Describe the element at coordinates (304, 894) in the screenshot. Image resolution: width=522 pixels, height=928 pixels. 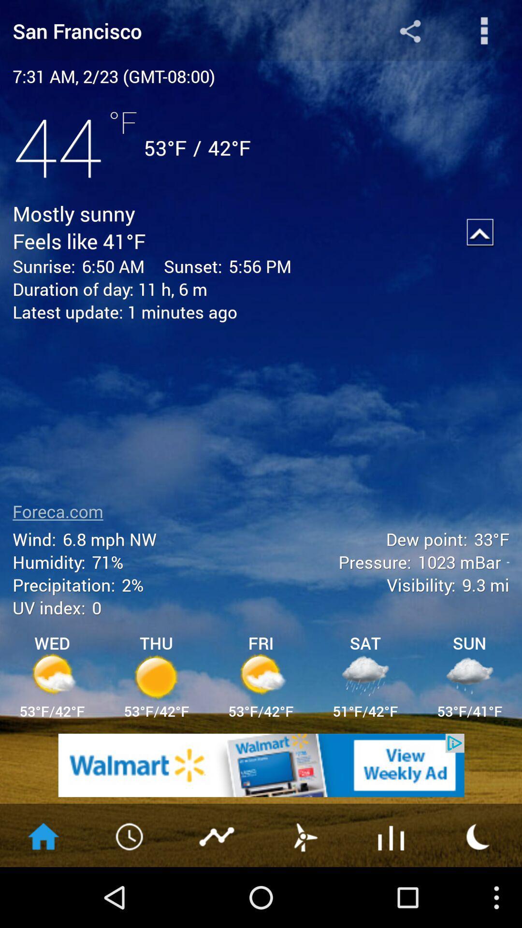
I see `the weather icon` at that location.